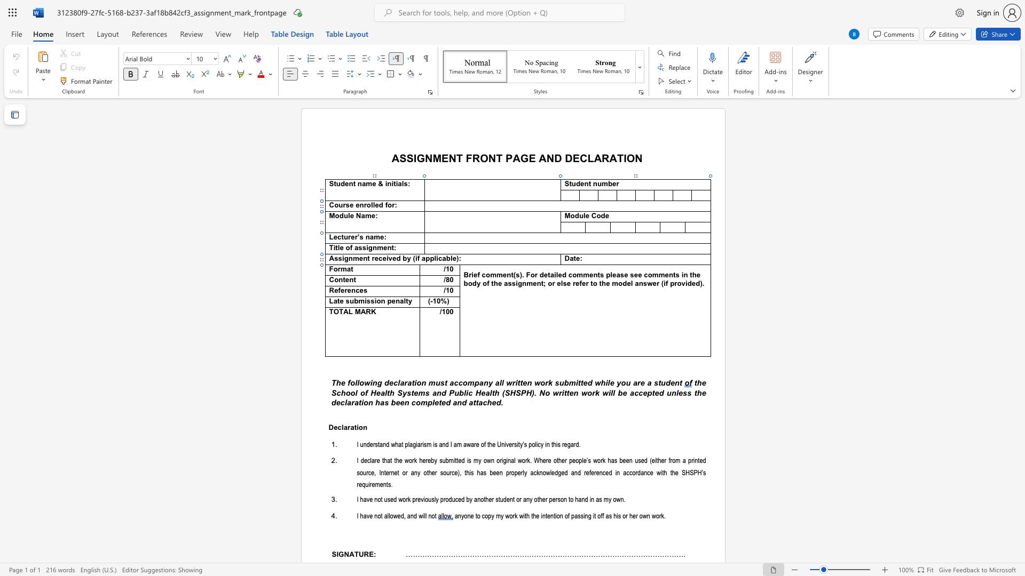 Image resolution: width=1025 pixels, height=576 pixels. Describe the element at coordinates (558, 283) in the screenshot. I see `the 14th character "e" in the text` at that location.